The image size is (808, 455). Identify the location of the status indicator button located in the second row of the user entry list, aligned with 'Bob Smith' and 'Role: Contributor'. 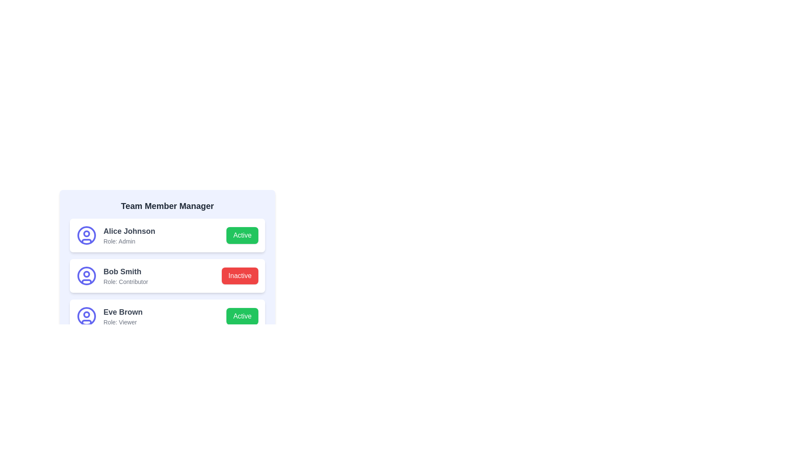
(239, 276).